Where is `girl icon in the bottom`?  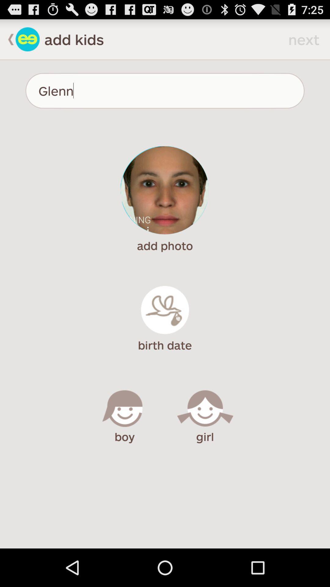
girl icon in the bottom is located at coordinates (205, 410).